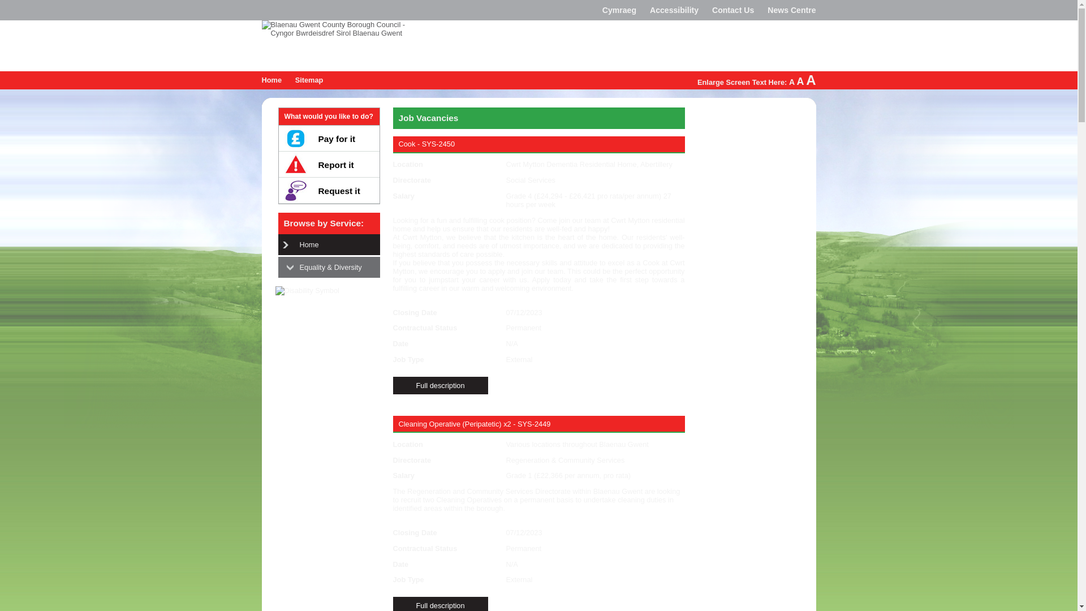 The image size is (1086, 611). Describe the element at coordinates (800, 80) in the screenshot. I see `'A'` at that location.